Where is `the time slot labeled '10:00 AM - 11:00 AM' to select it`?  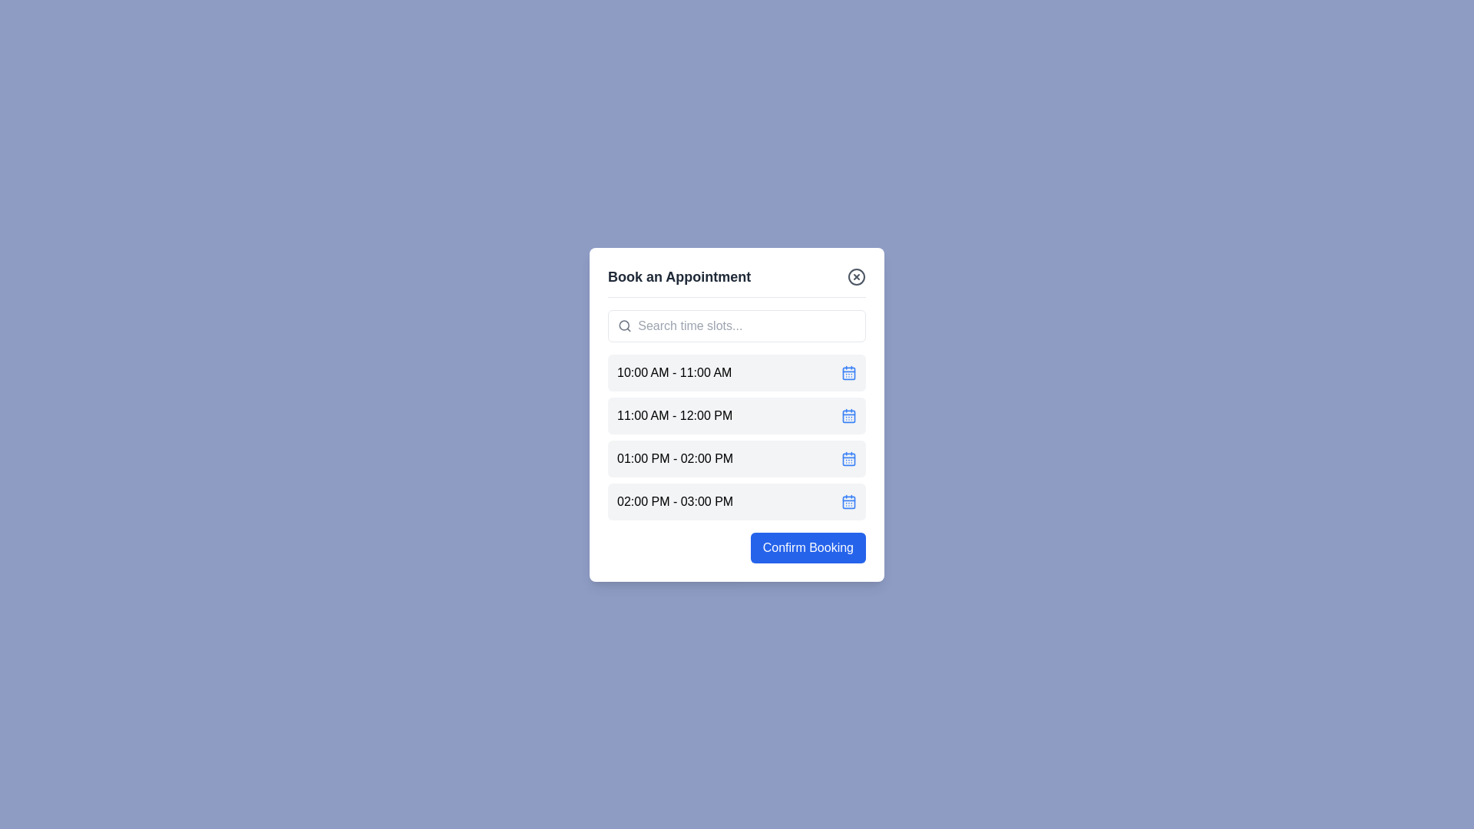 the time slot labeled '10:00 AM - 11:00 AM' to select it is located at coordinates (737, 372).